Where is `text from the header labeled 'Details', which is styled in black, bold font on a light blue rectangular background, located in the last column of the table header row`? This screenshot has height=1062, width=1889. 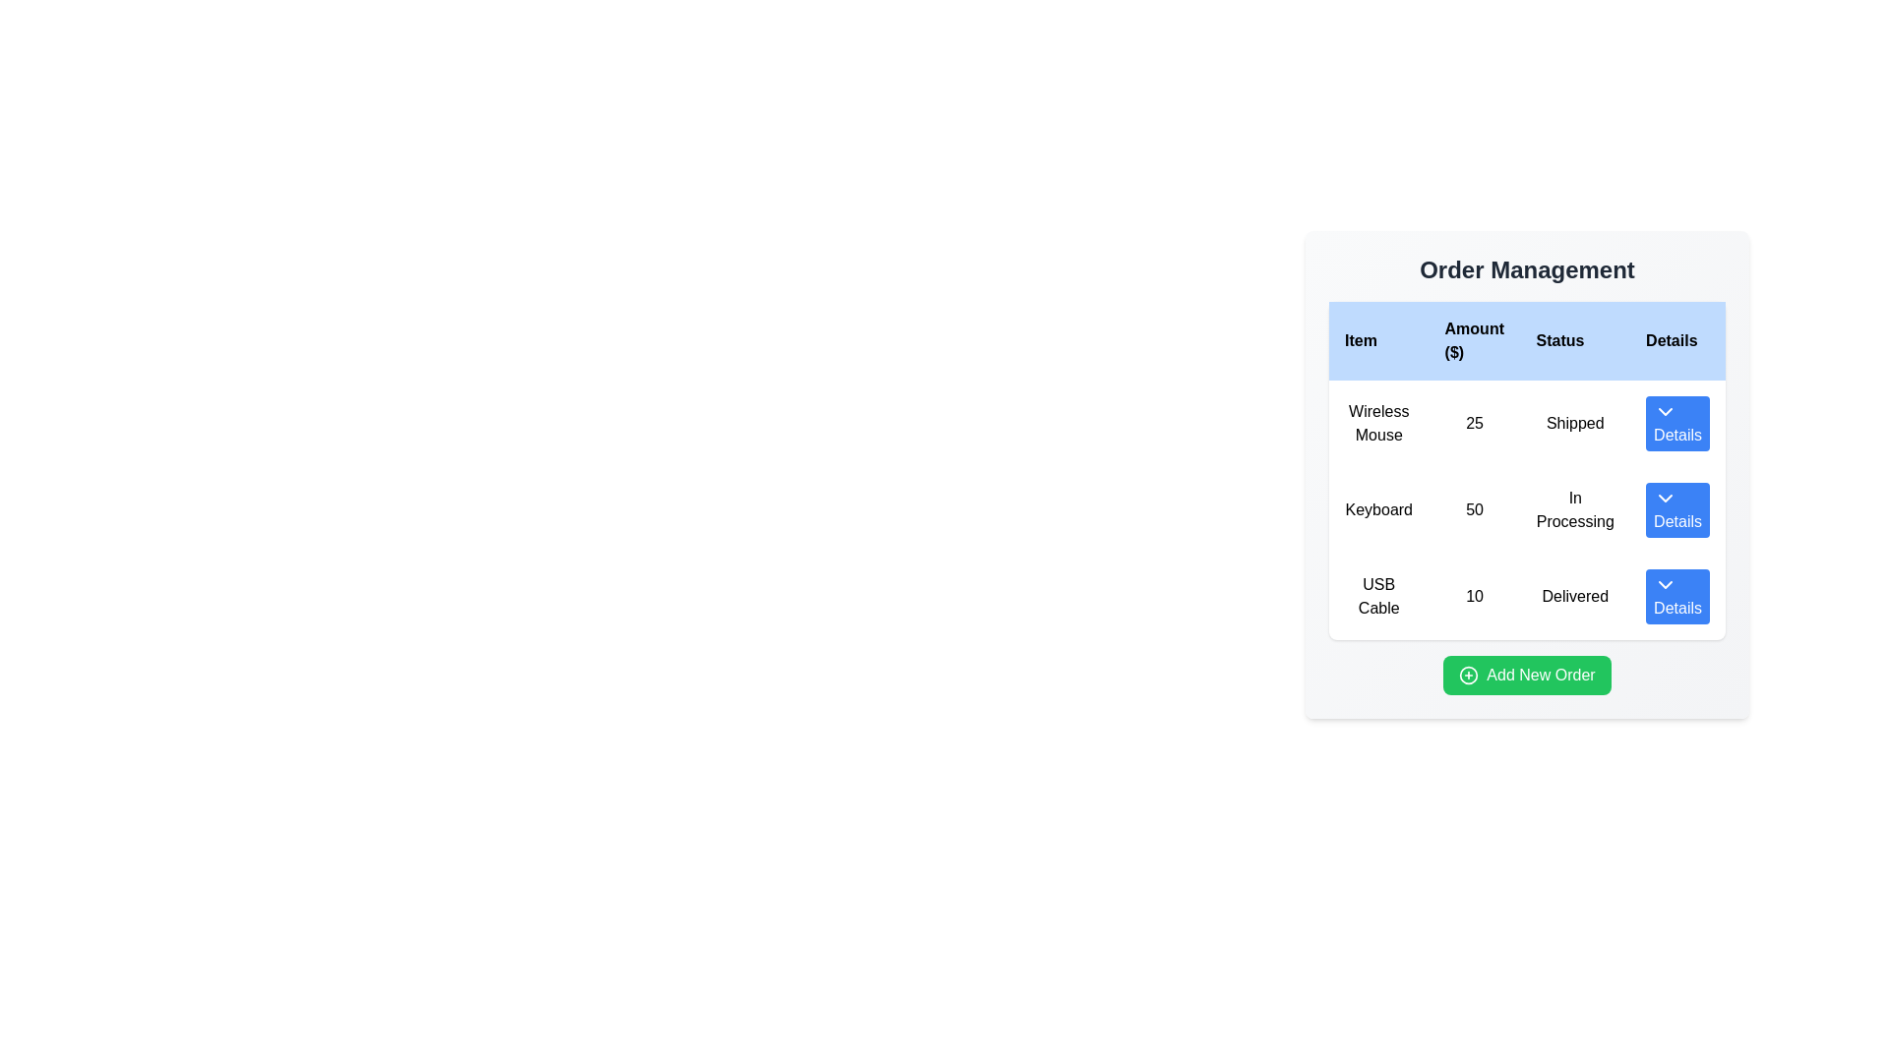 text from the header labeled 'Details', which is styled in black, bold font on a light blue rectangular background, located in the last column of the table header row is located at coordinates (1676, 340).